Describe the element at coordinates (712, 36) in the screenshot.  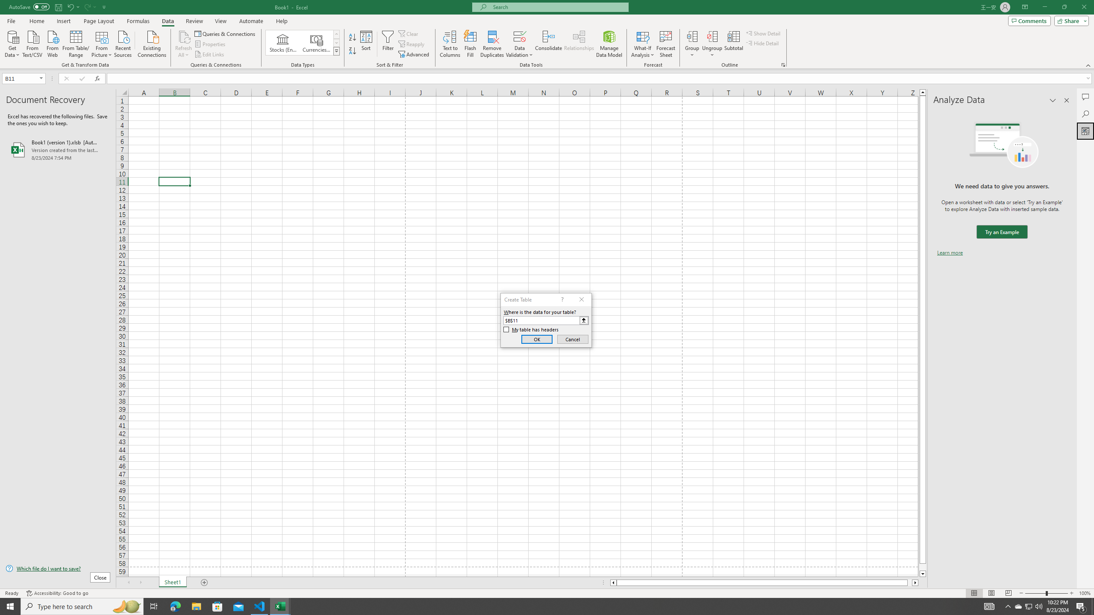
I see `'Ungroup...'` at that location.